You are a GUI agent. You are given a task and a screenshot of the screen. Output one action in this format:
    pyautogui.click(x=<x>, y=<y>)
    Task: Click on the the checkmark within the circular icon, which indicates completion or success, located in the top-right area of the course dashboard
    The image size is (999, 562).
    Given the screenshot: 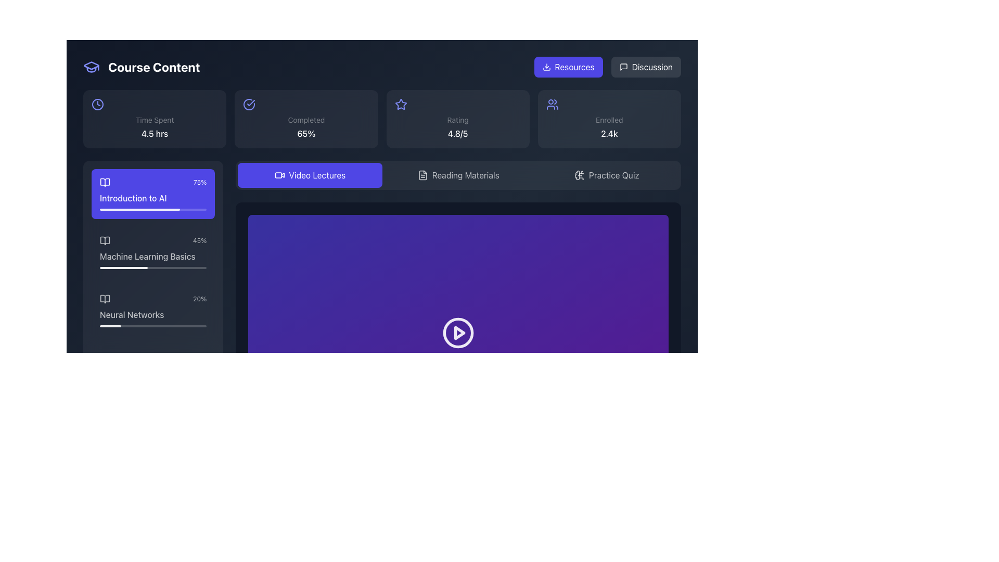 What is the action you would take?
    pyautogui.click(x=251, y=103)
    